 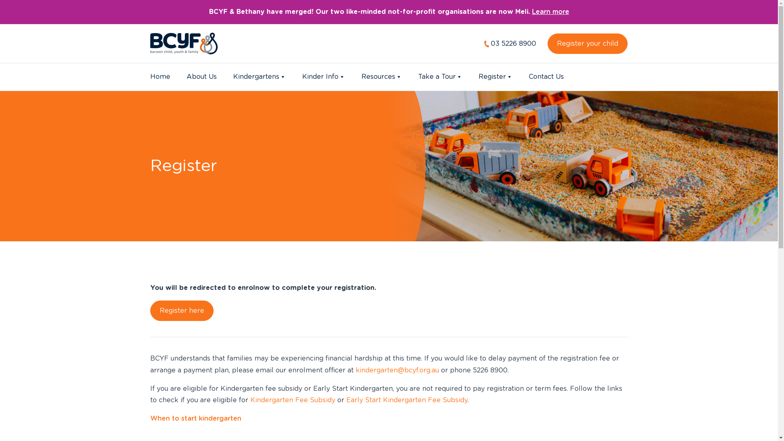 I want to click on 'Early Start Kindergarten Fee Subsidy', so click(x=407, y=399).